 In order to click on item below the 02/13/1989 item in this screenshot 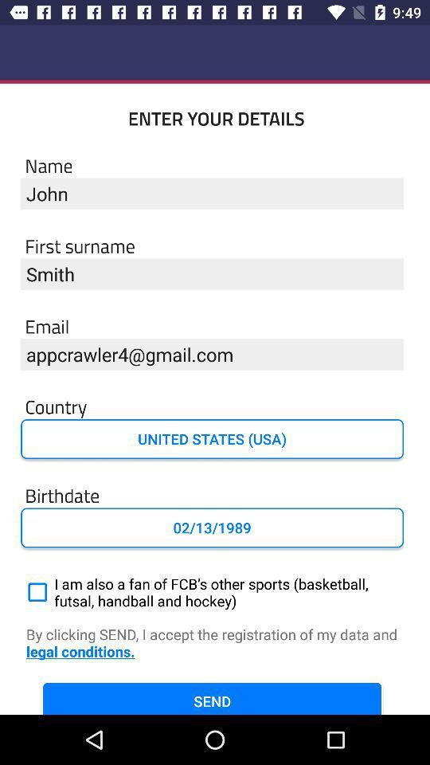, I will do `click(212, 591)`.